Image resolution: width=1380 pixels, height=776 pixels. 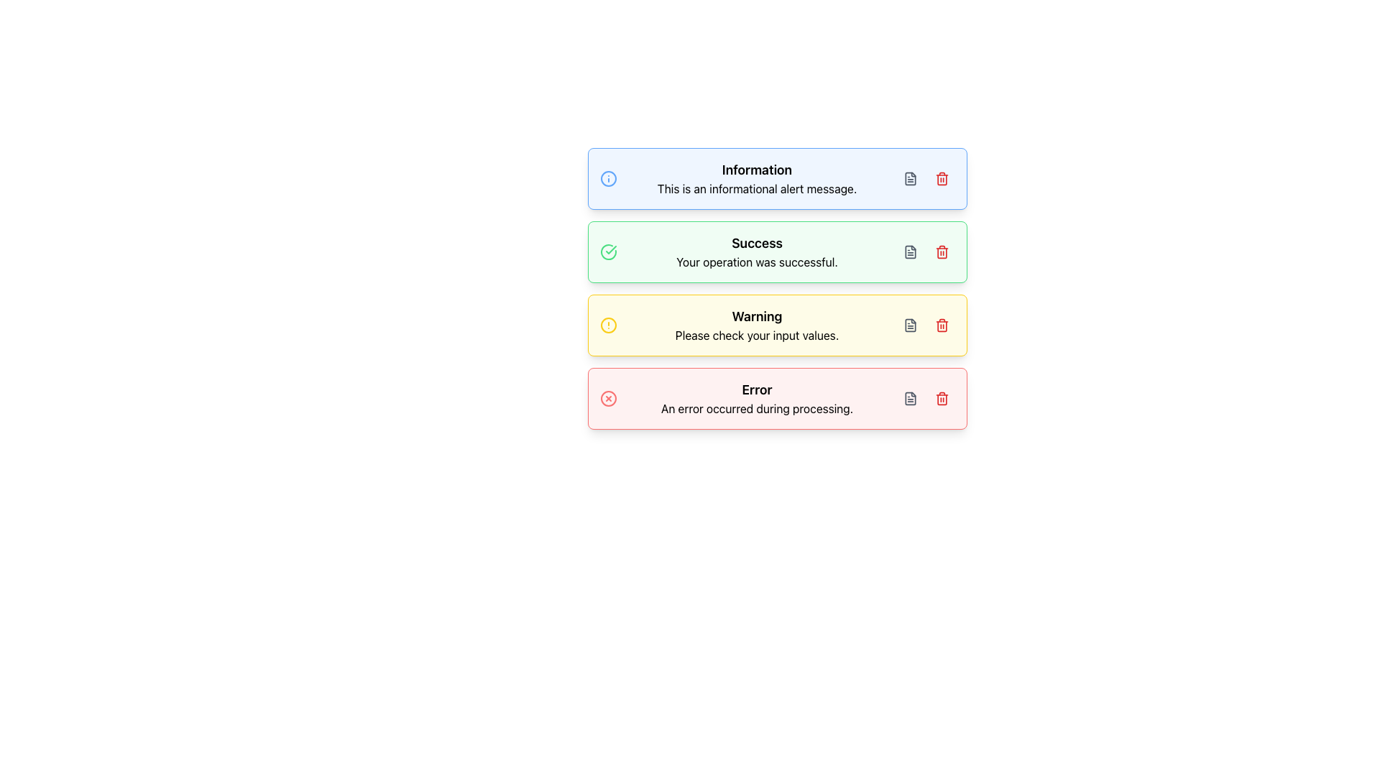 What do you see at coordinates (942, 399) in the screenshot?
I see `the red outlined trash icon button located on the right side of the error message row` at bounding box center [942, 399].